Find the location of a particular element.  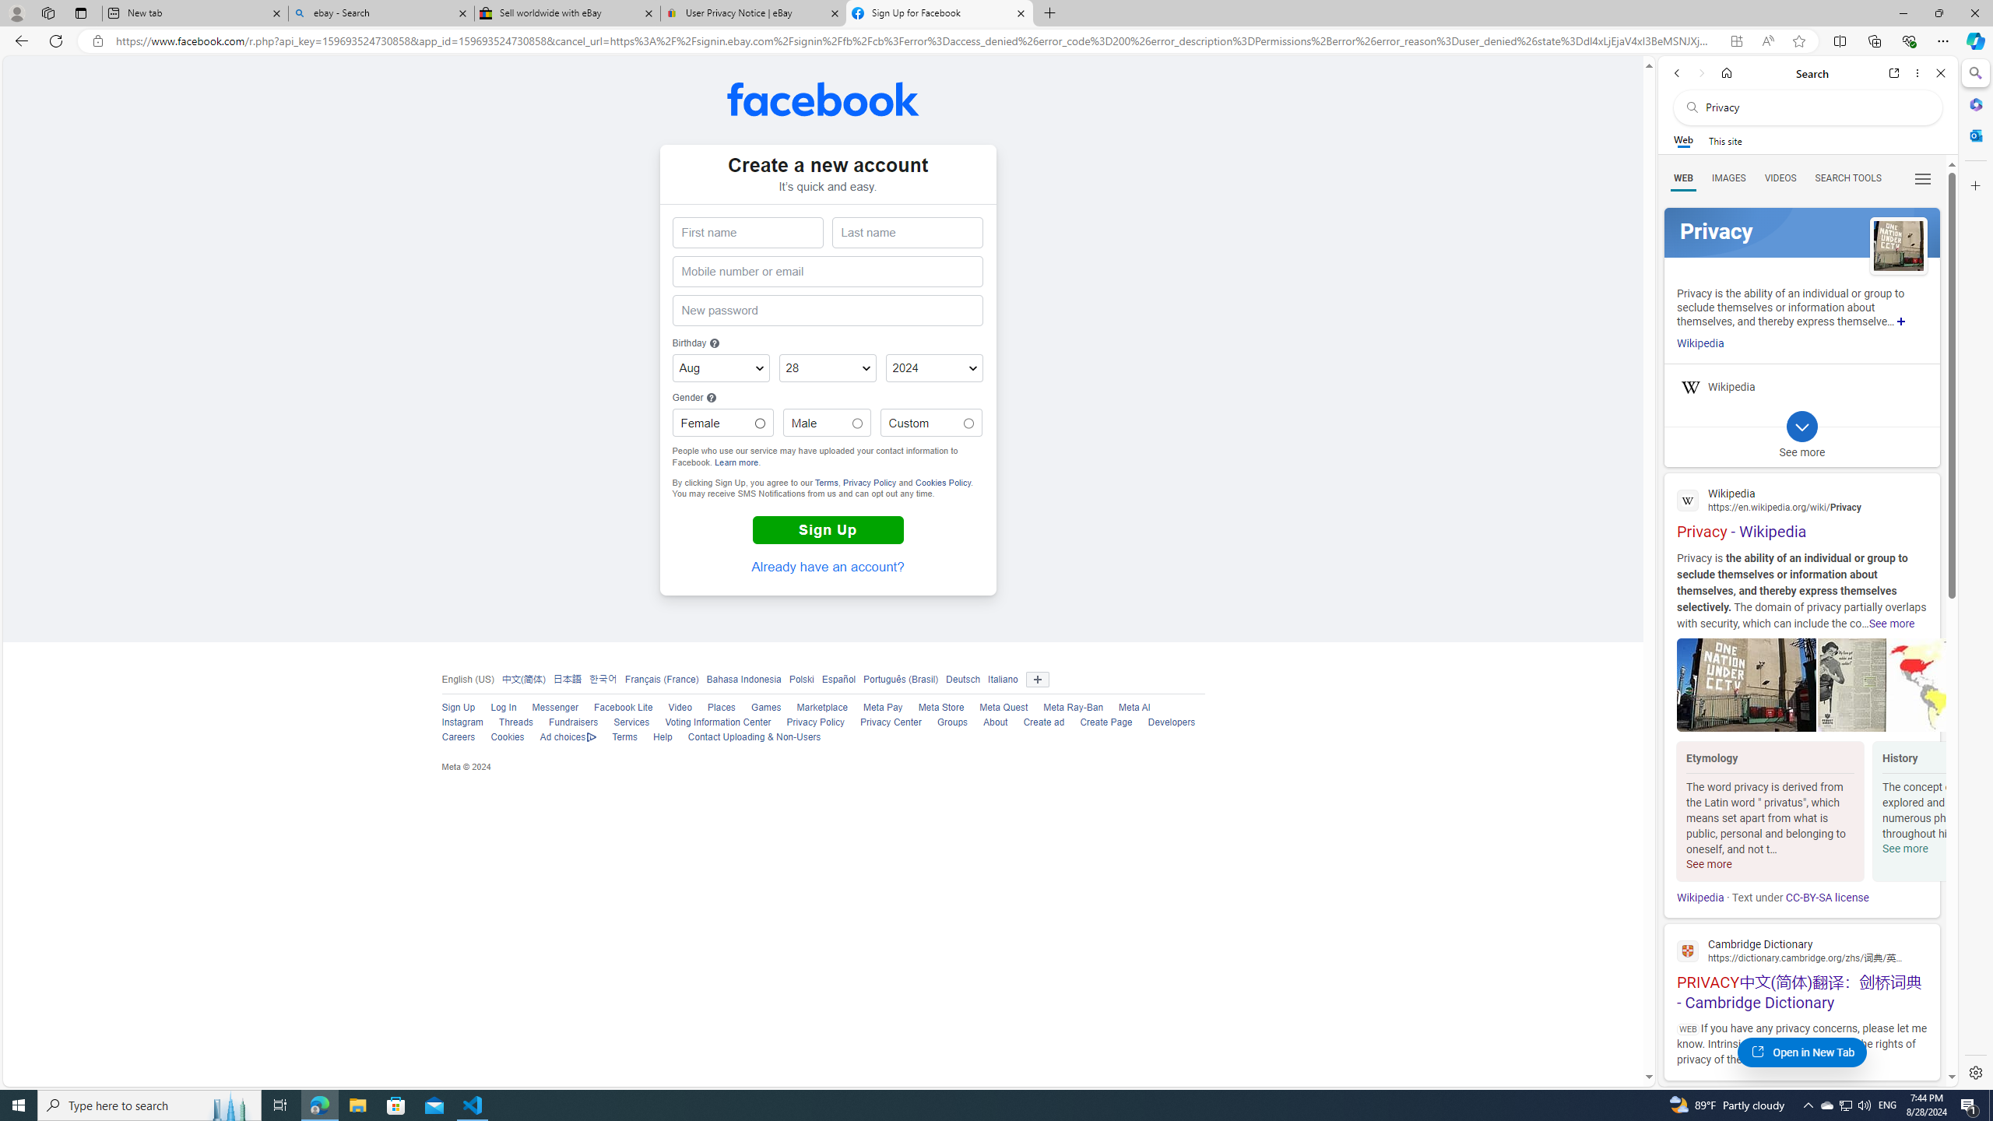

'Threads' is located at coordinates (508, 722).